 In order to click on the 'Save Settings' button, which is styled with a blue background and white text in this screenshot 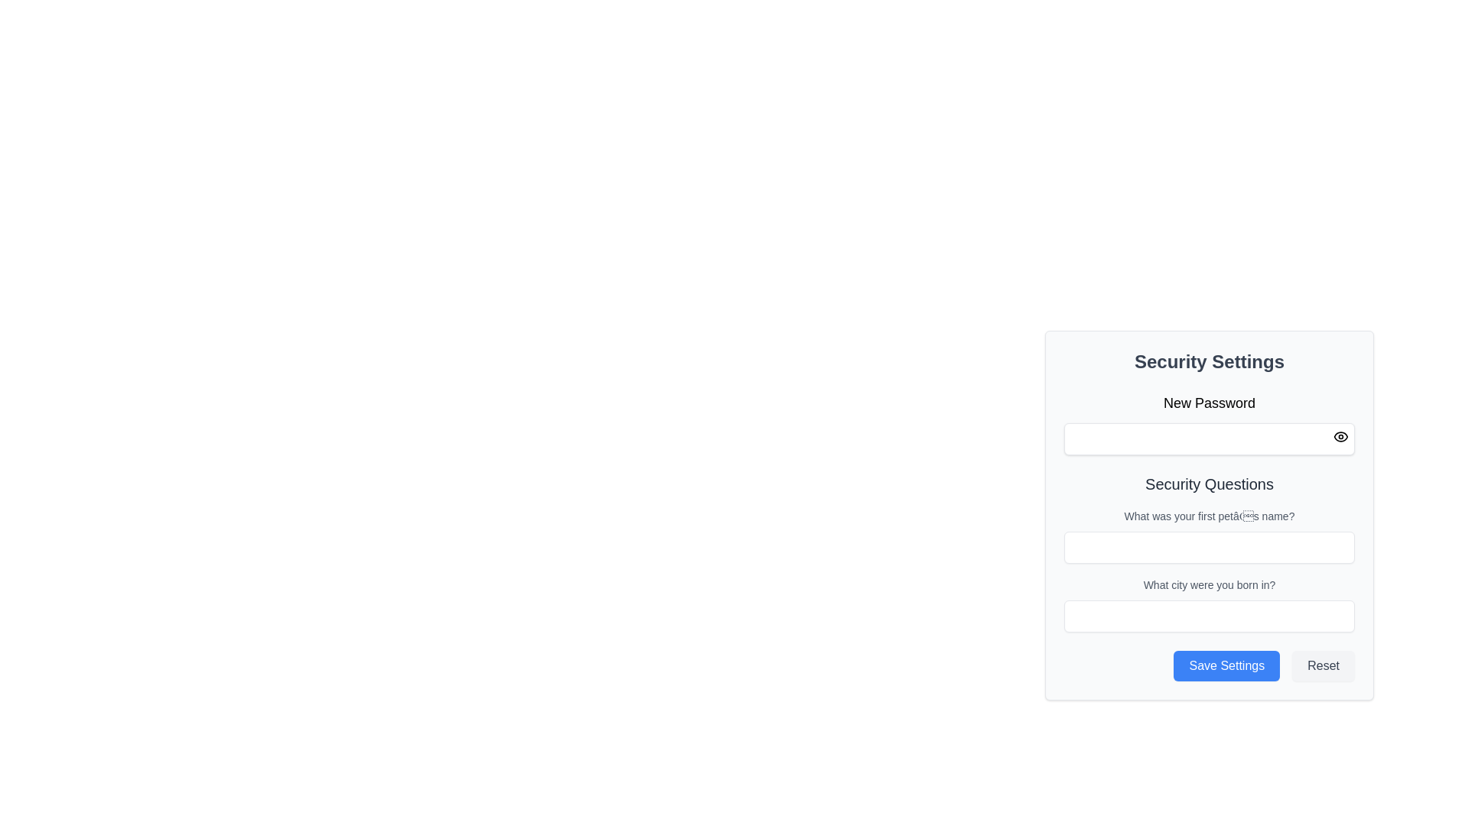, I will do `click(1209, 665)`.